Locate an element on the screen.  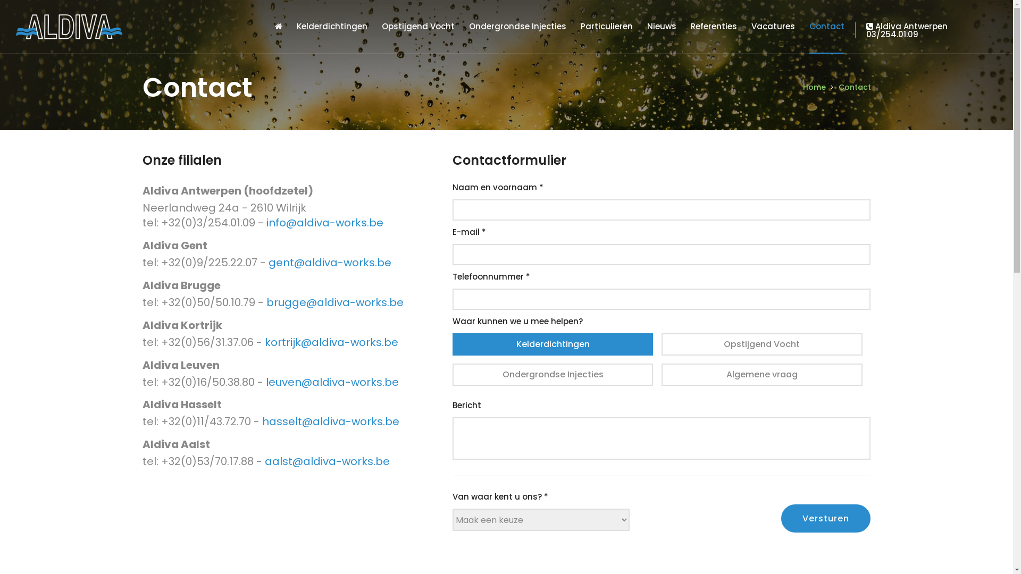
'Referenties' is located at coordinates (691, 26).